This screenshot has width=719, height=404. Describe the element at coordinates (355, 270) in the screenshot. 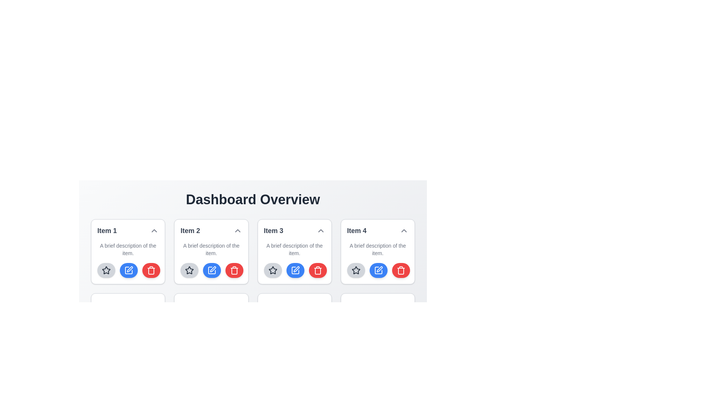

I see `the circular button with a light gray background and a black star icon` at that location.